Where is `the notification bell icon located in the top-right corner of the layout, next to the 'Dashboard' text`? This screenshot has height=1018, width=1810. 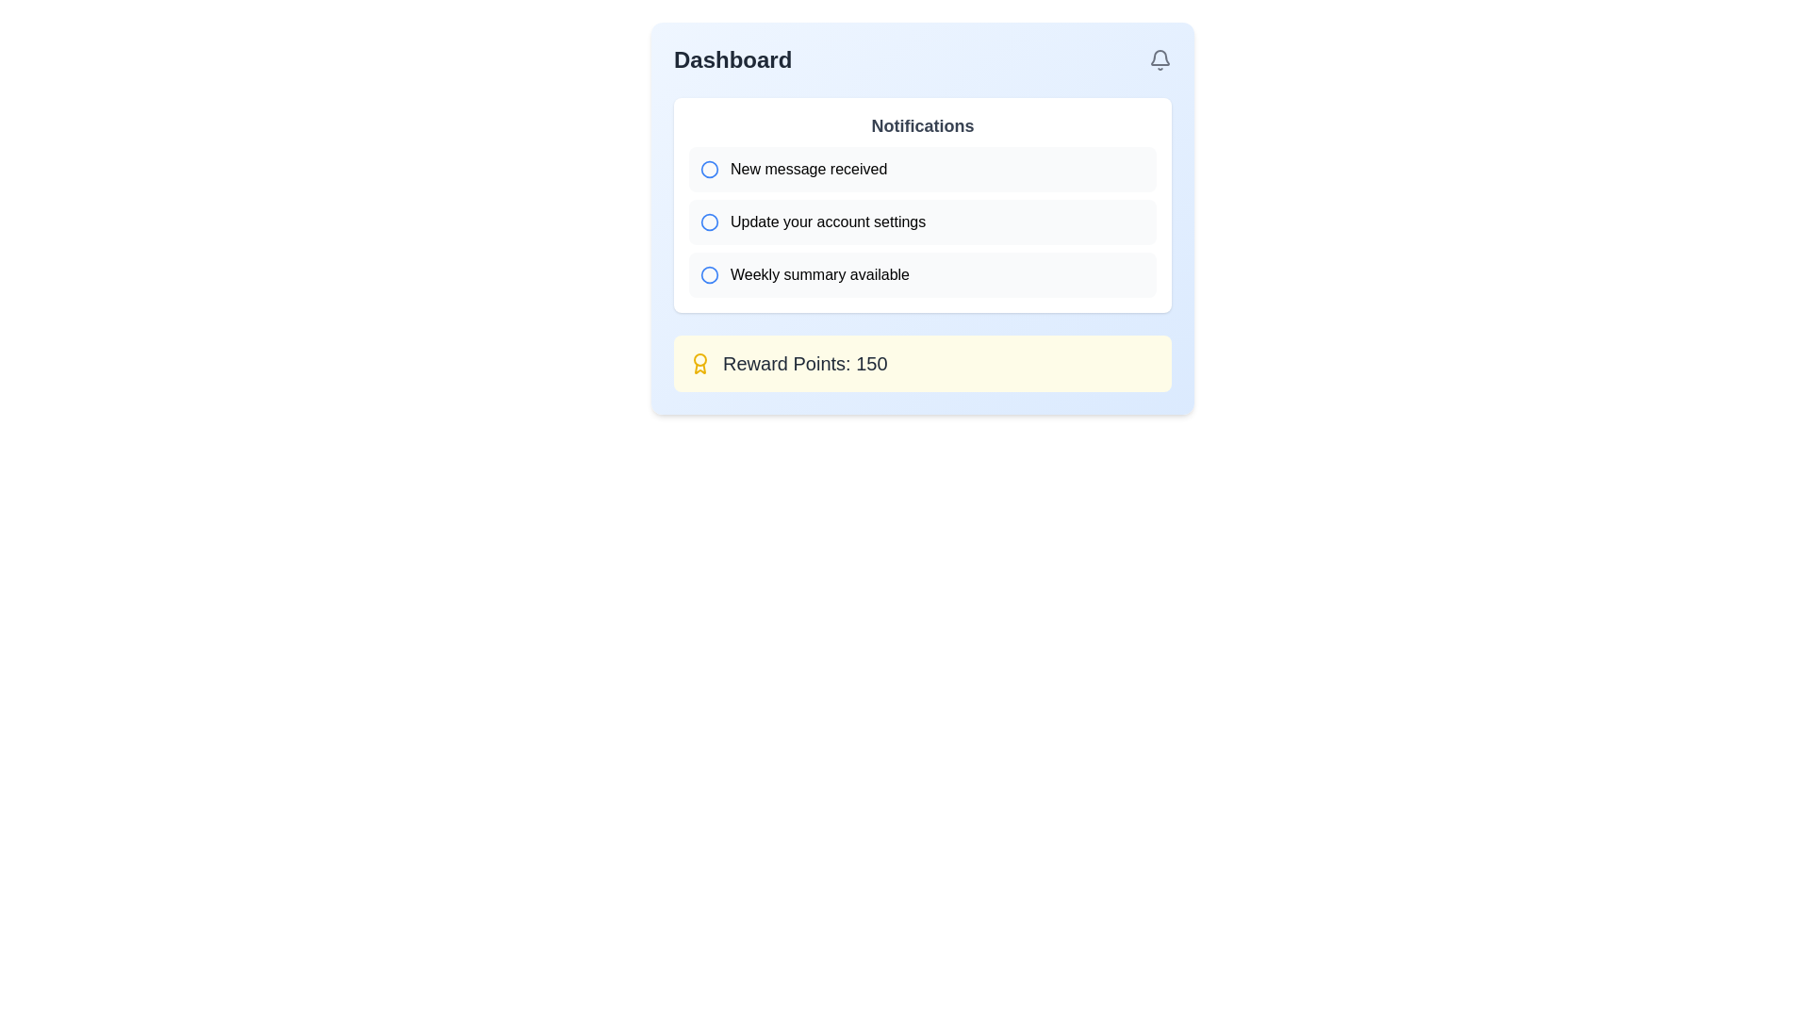
the notification bell icon located in the top-right corner of the layout, next to the 'Dashboard' text is located at coordinates (1159, 59).